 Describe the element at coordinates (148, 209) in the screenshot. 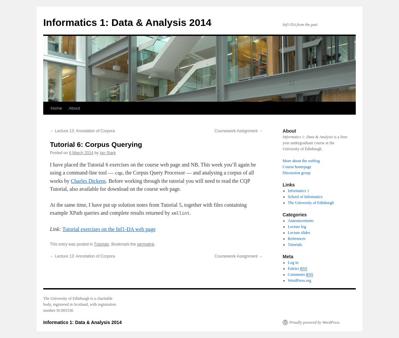

I see `'At the same time, I have put up solution notes from Tutorial 5, together with files containing example XPath queries and complete results returned by'` at that location.